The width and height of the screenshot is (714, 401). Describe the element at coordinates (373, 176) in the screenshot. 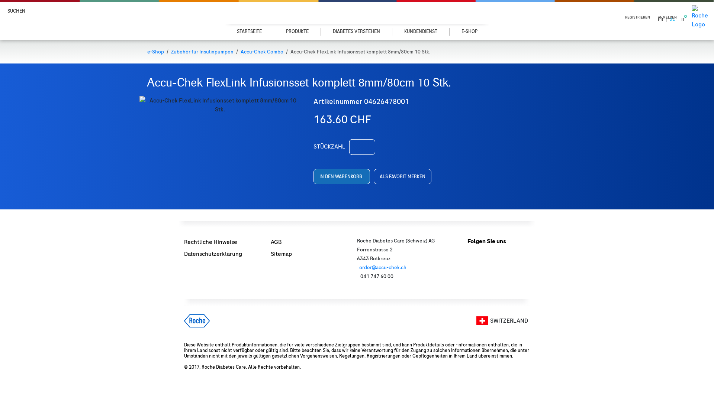

I see `'ALS FAVORIT MERKEN'` at that location.